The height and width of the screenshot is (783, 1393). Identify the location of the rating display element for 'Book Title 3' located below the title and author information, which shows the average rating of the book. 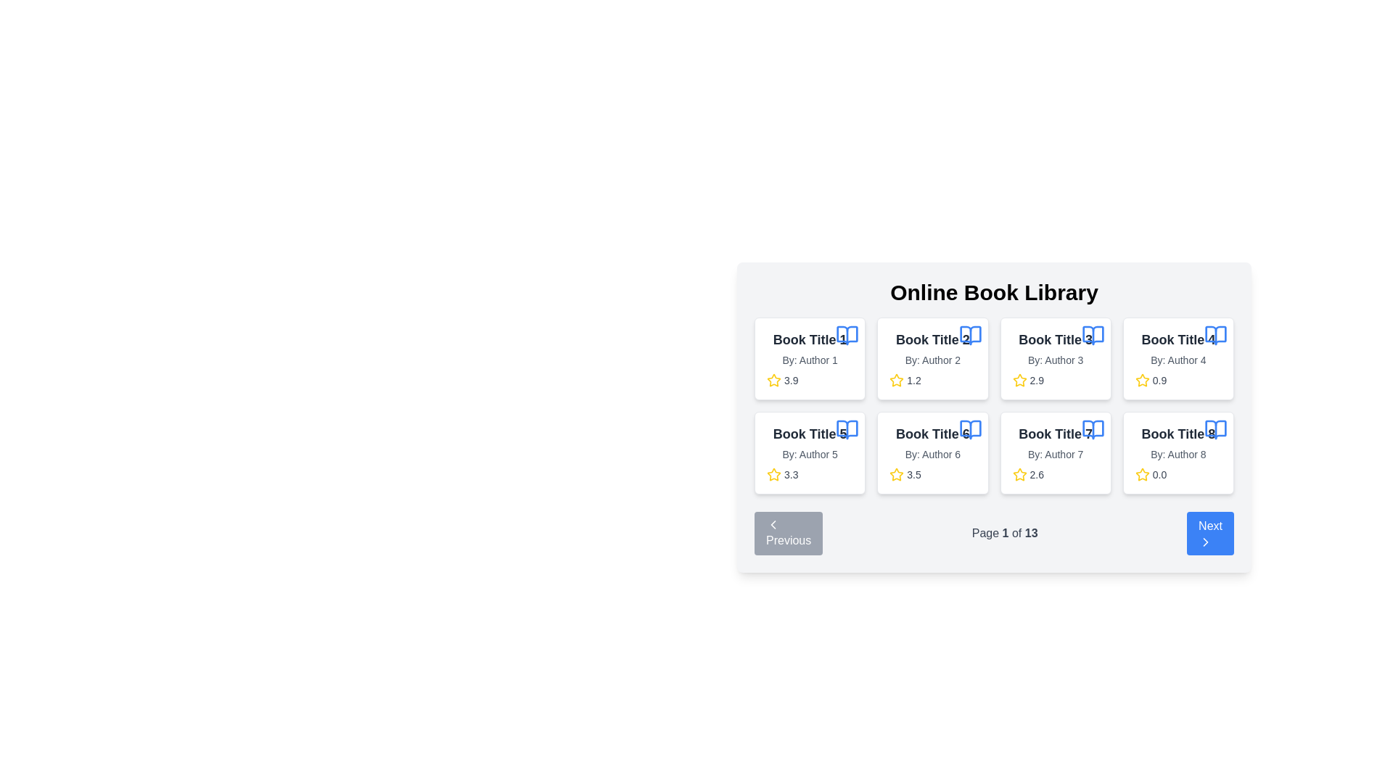
(1056, 379).